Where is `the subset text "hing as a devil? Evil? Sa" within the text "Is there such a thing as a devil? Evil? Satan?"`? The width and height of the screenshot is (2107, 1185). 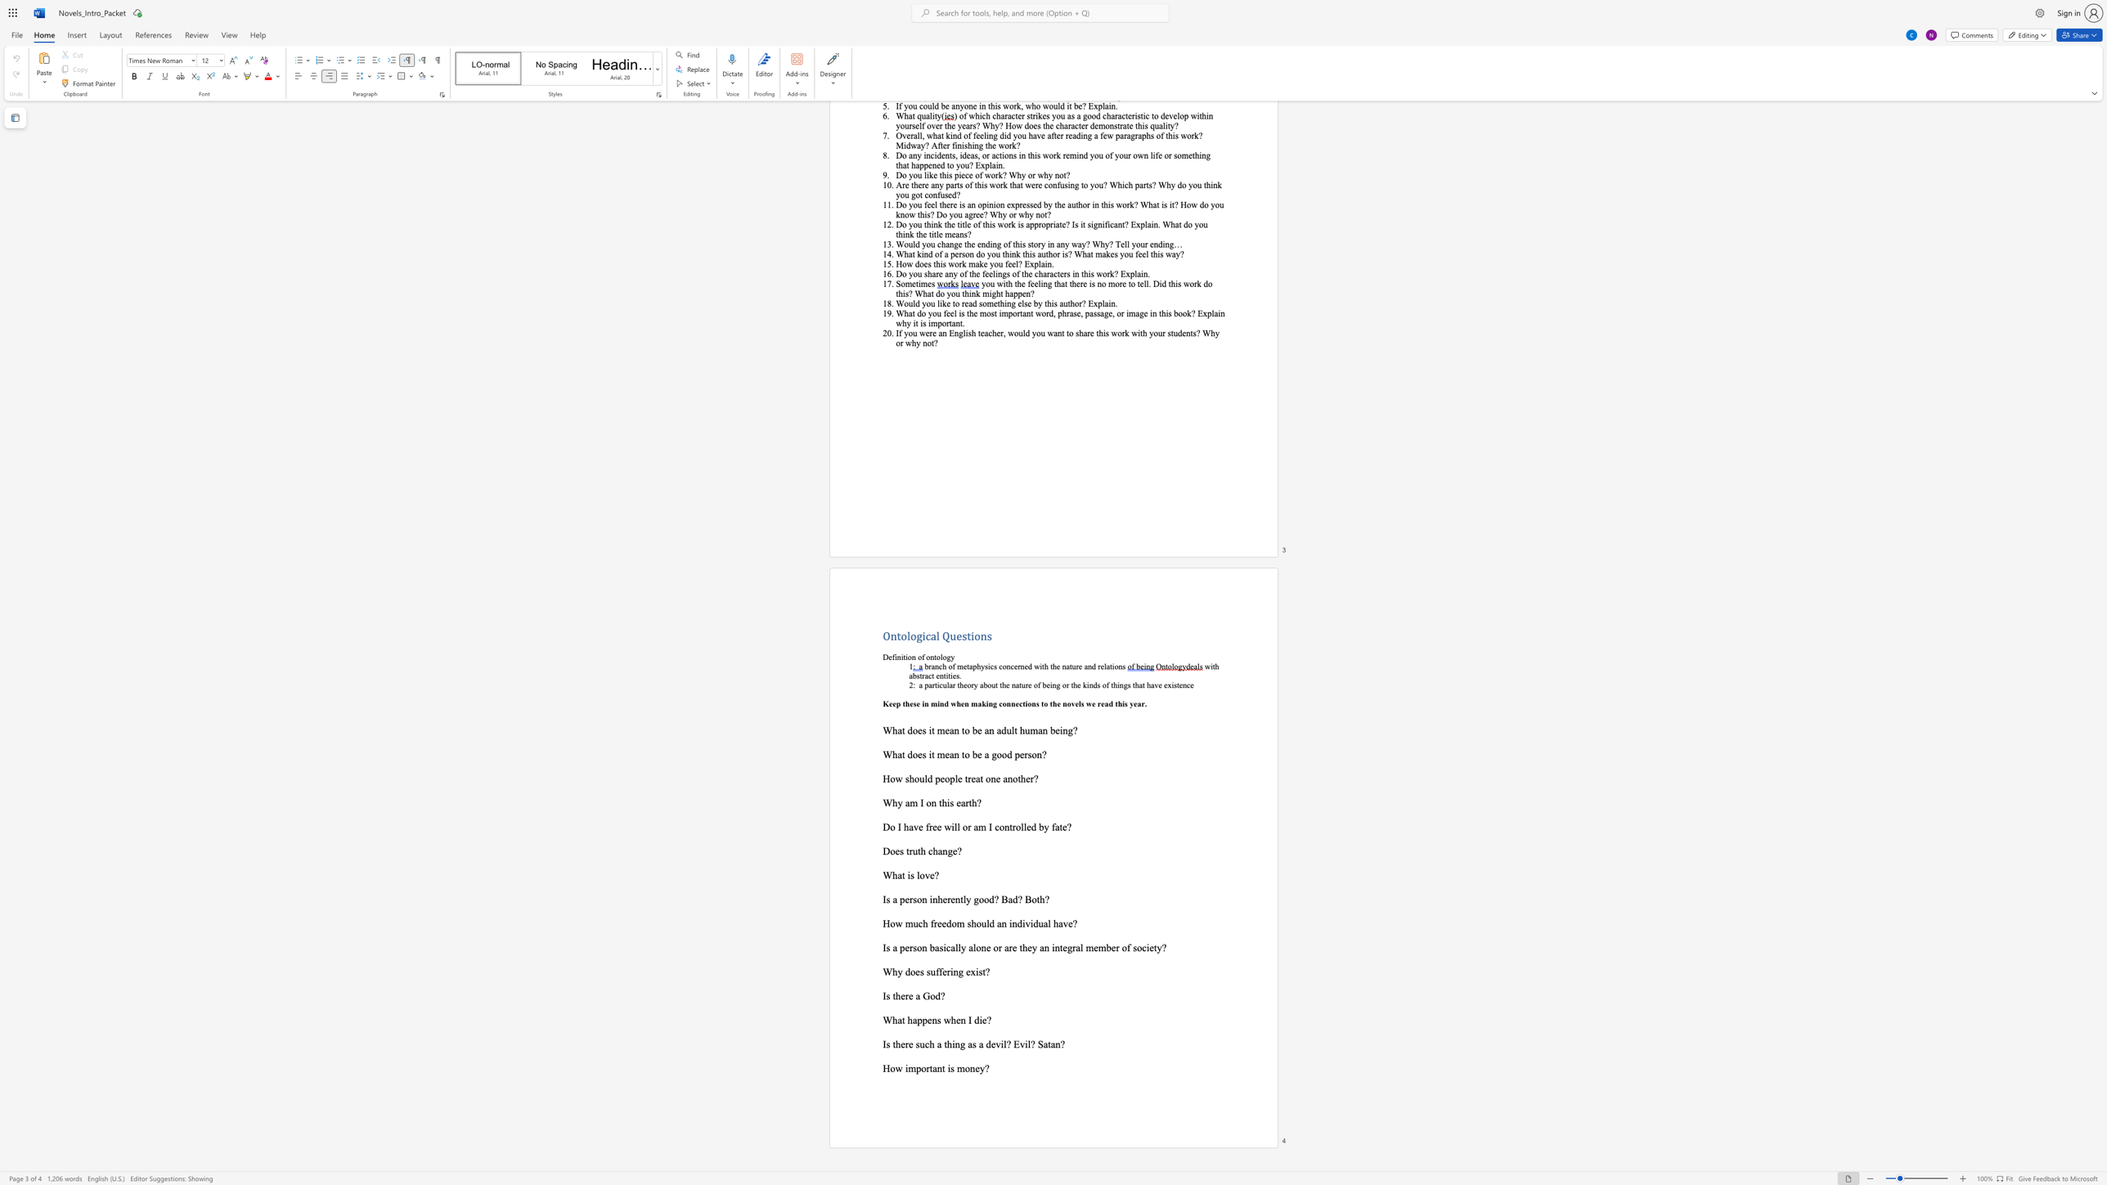
the subset text "hing as a devil? Evil? Sa" within the text "Is there such a thing as a devil? Evil? Satan?" is located at coordinates (946, 1044).